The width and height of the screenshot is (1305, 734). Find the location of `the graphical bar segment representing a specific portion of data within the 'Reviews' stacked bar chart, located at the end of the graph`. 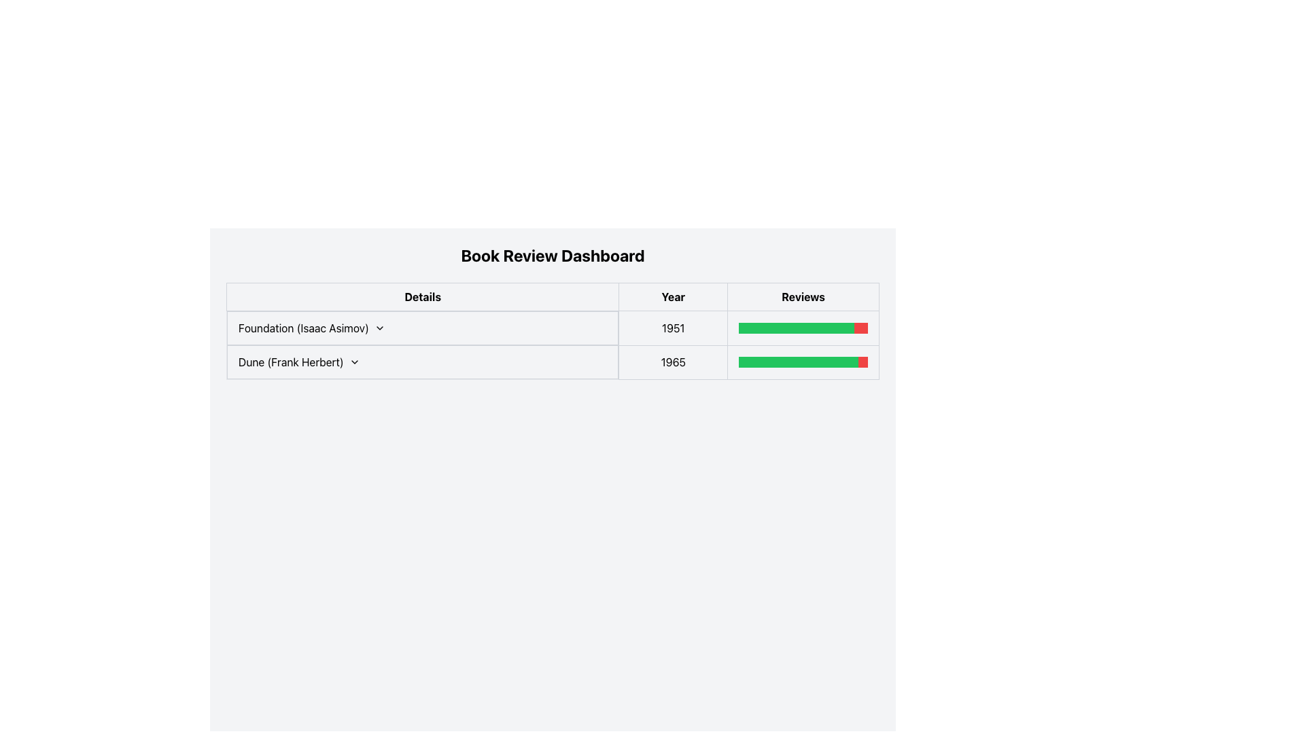

the graphical bar segment representing a specific portion of data within the 'Reviews' stacked bar chart, located at the end of the graph is located at coordinates (863, 362).